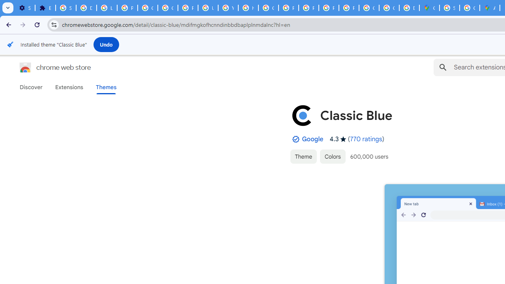 The width and height of the screenshot is (505, 284). Describe the element at coordinates (228, 8) in the screenshot. I see `'YouTube'` at that location.